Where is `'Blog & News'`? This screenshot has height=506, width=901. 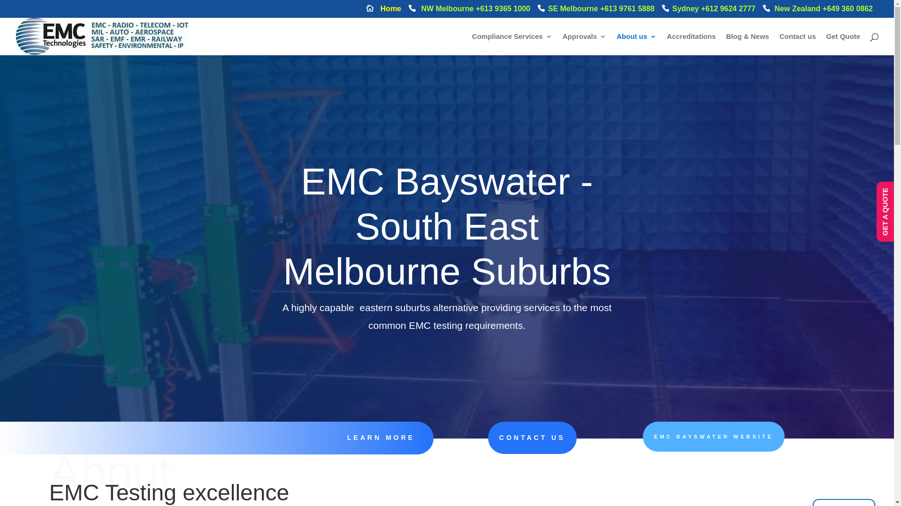
'Blog & News' is located at coordinates (725, 44).